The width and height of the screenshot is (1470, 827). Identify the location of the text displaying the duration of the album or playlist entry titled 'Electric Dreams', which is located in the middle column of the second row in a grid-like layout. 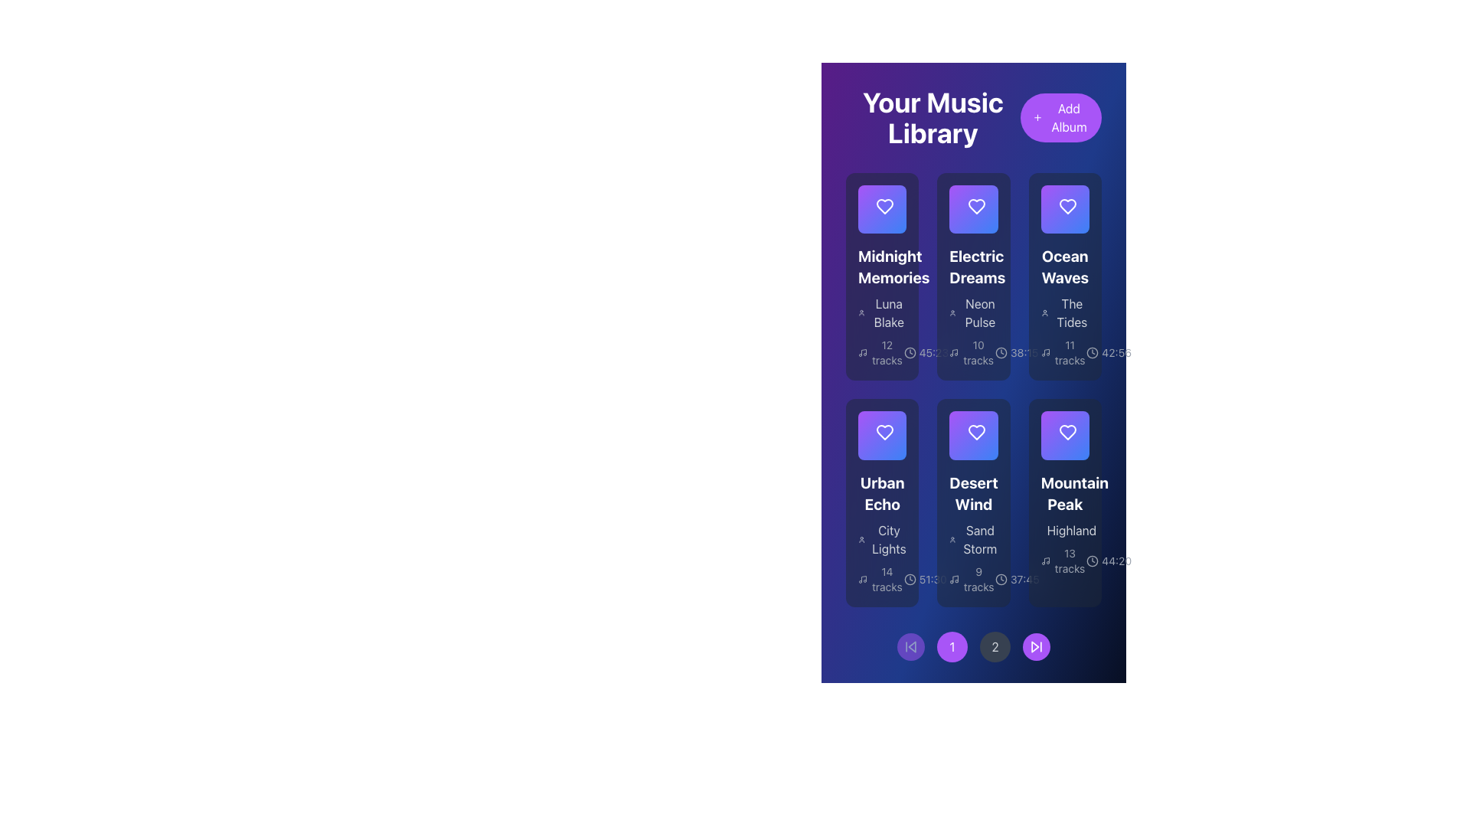
(1017, 353).